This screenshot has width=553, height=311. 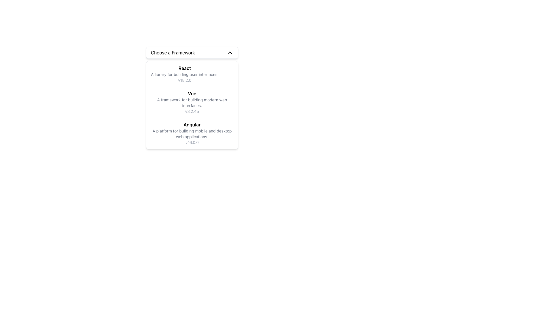 What do you see at coordinates (192, 111) in the screenshot?
I see `the text snippet displaying 'v3.2.45', which is styled in gray and located beneath the description of the Vue framework in a dropdown menu` at bounding box center [192, 111].